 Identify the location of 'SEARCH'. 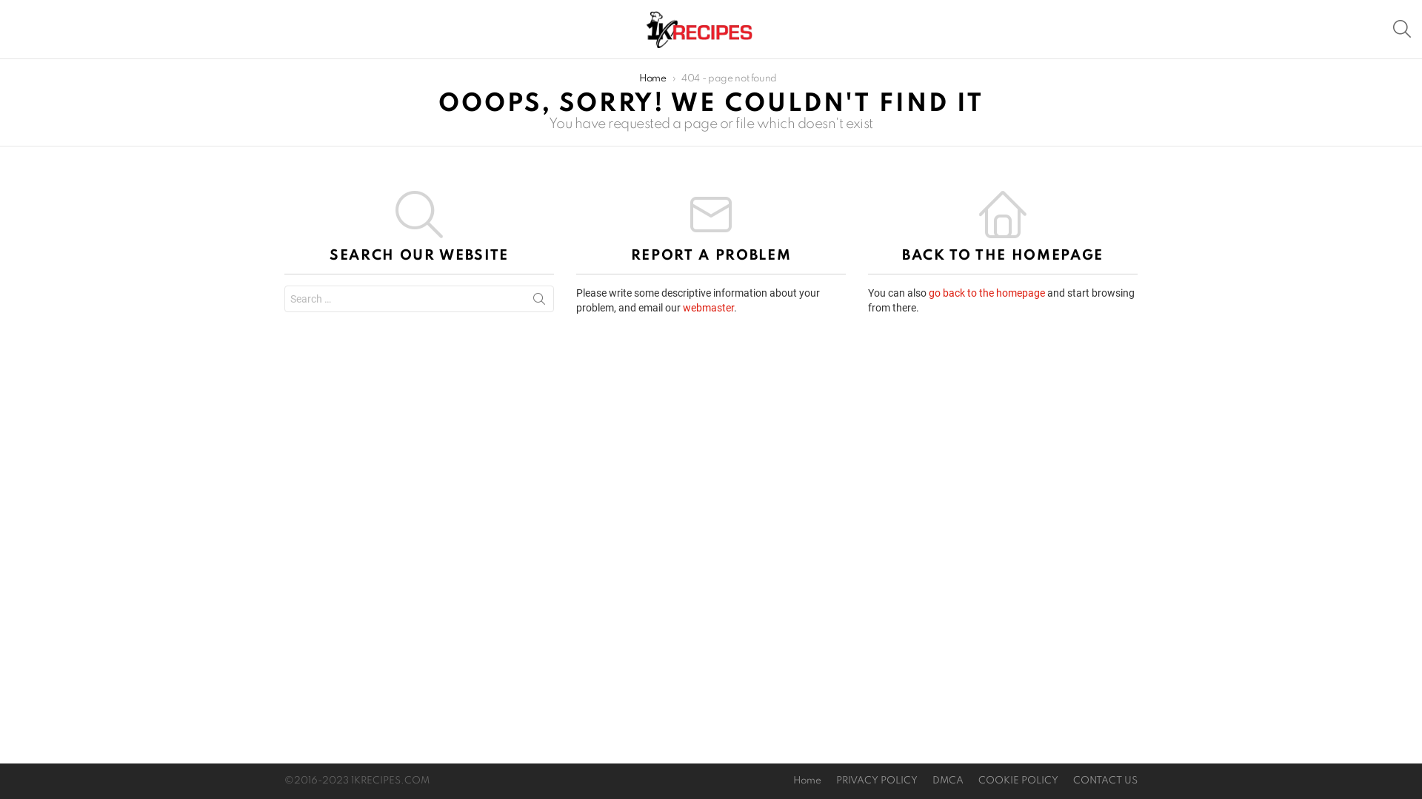
(538, 301).